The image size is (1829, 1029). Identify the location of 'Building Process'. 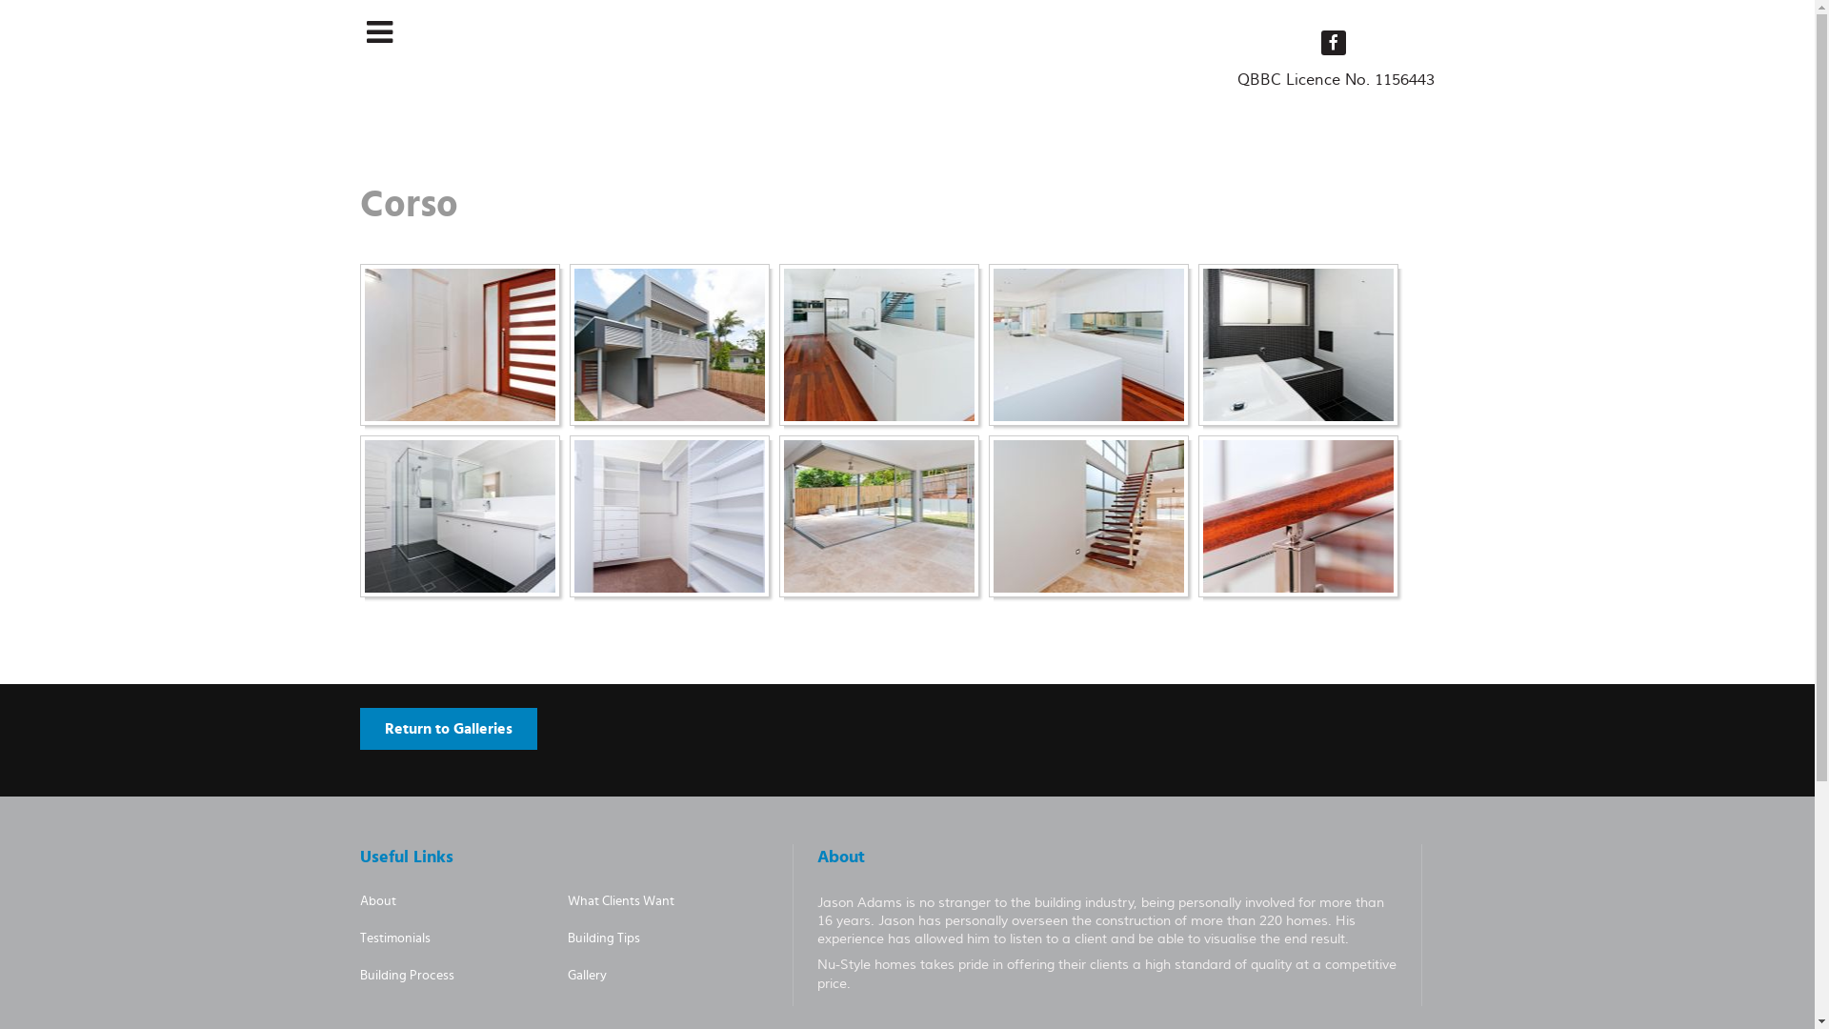
(360, 975).